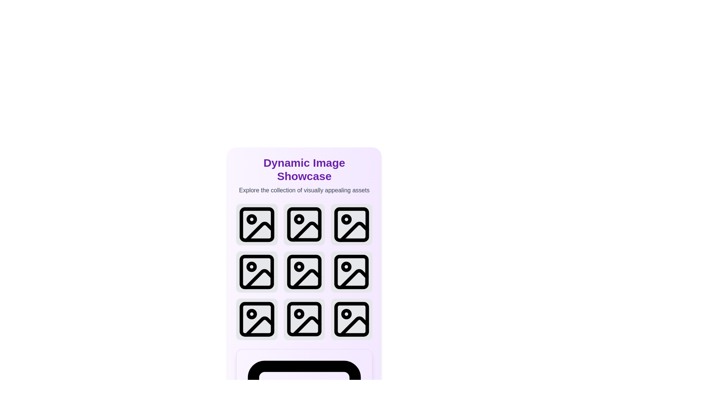 The height and width of the screenshot is (401, 713). What do you see at coordinates (346, 314) in the screenshot?
I see `the graphical embellishment circle located at the bottom-right corner of the image icon in the three-by-three grid layout` at bounding box center [346, 314].